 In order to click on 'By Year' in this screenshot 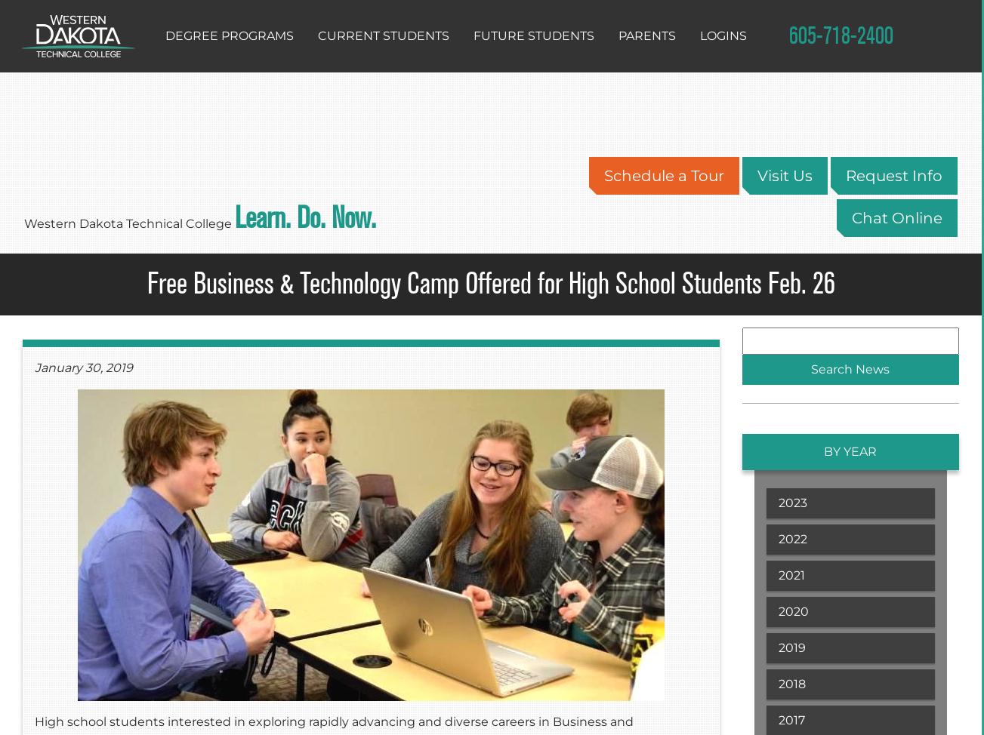, I will do `click(823, 451)`.